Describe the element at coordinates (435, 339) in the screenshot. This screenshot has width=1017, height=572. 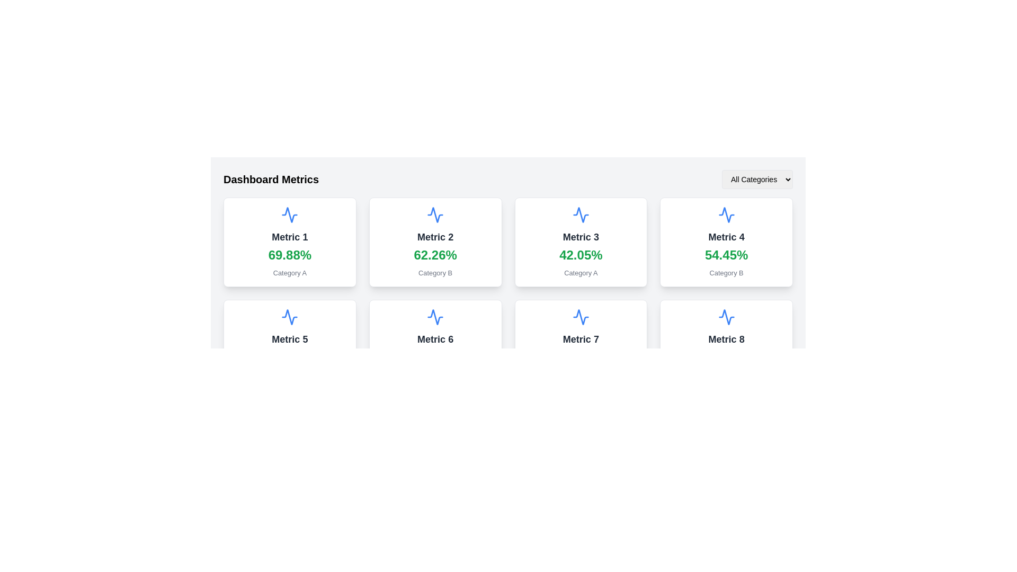
I see `the text label indicating the metric in the sixth card of the grid layout` at that location.